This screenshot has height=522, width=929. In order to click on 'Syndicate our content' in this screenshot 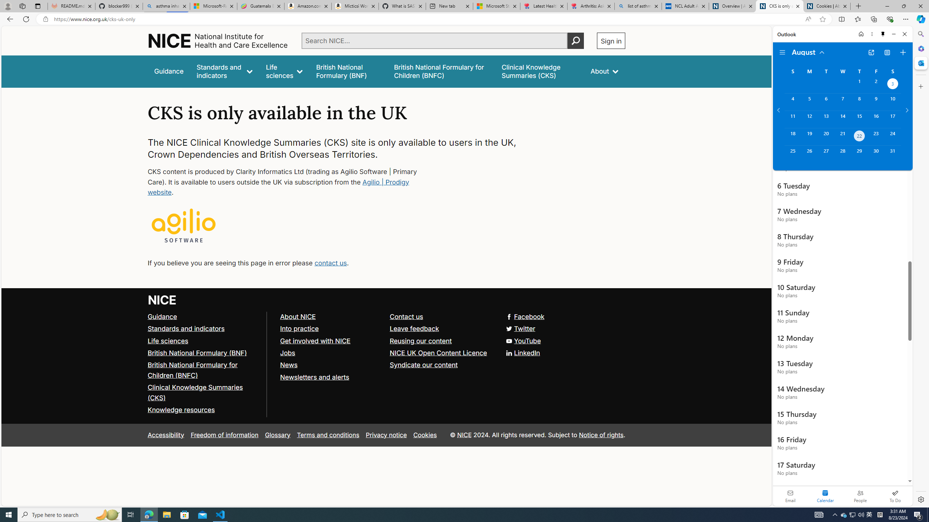, I will do `click(441, 365)`.